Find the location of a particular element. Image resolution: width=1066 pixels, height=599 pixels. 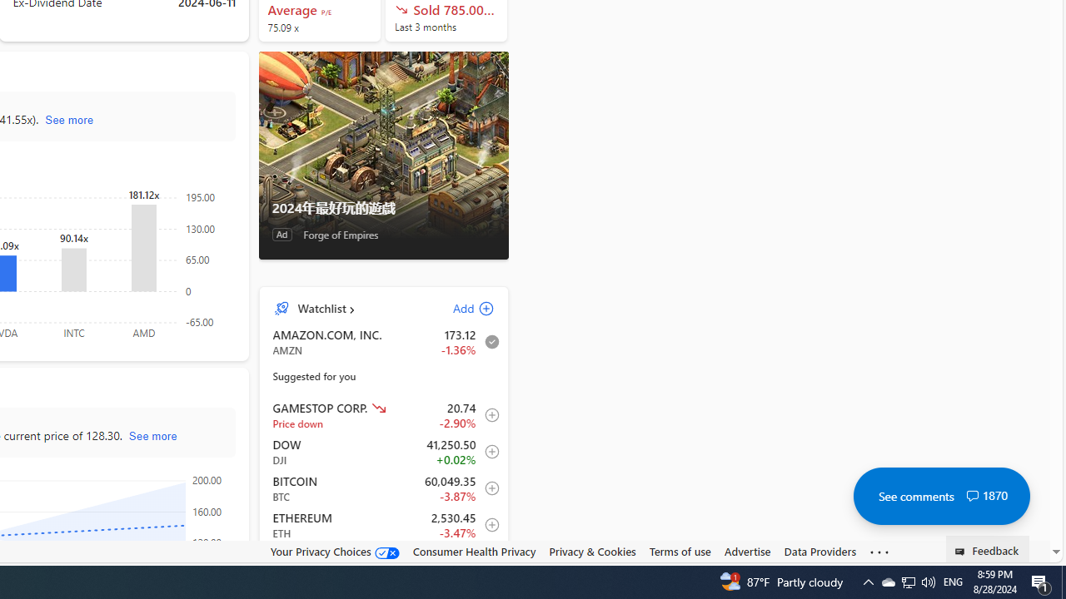

'Class: oneFooter_seeMore-DS-EntryPoint1-1' is located at coordinates (879, 552).